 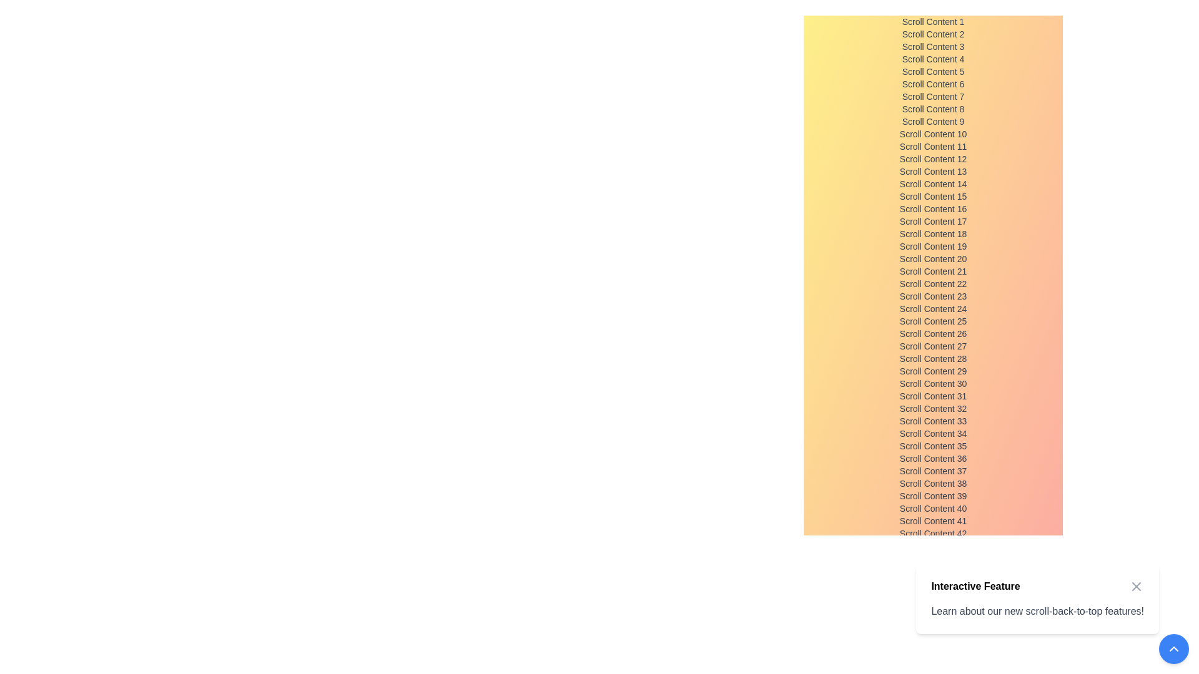 I want to click on text from the Text Label that displays 'Scroll Content 4', which is styled in gray and positioned in a vertical list of similar elements, so click(x=933, y=59).